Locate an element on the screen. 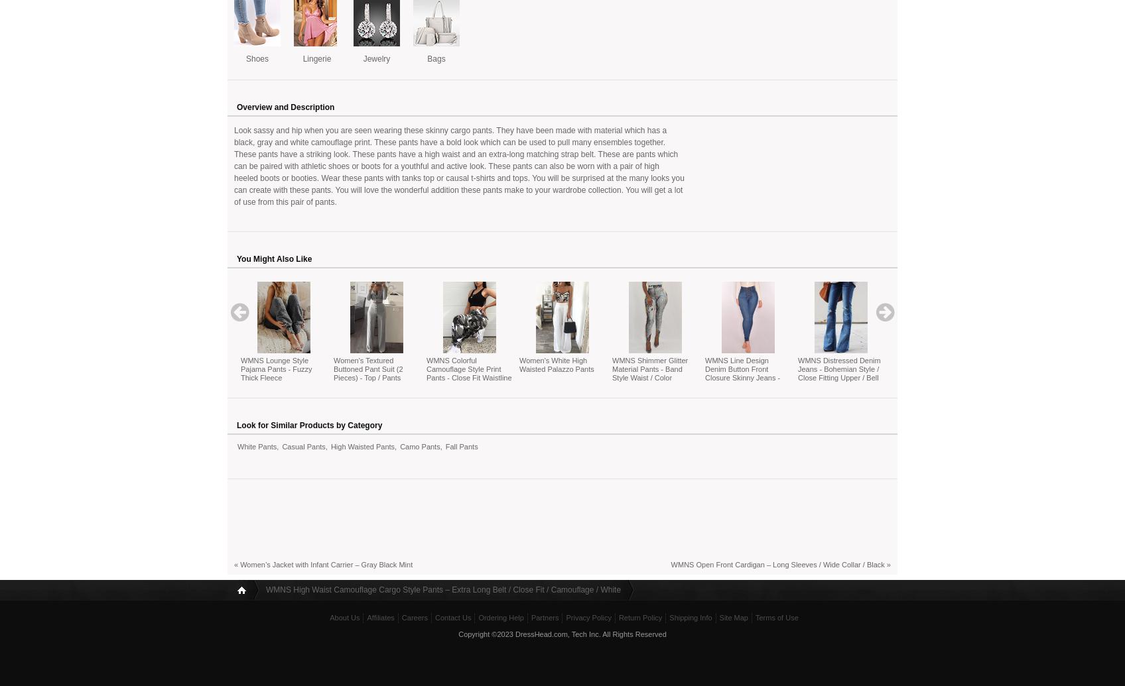 The image size is (1125, 686). 'Camo Pants' is located at coordinates (419, 445).